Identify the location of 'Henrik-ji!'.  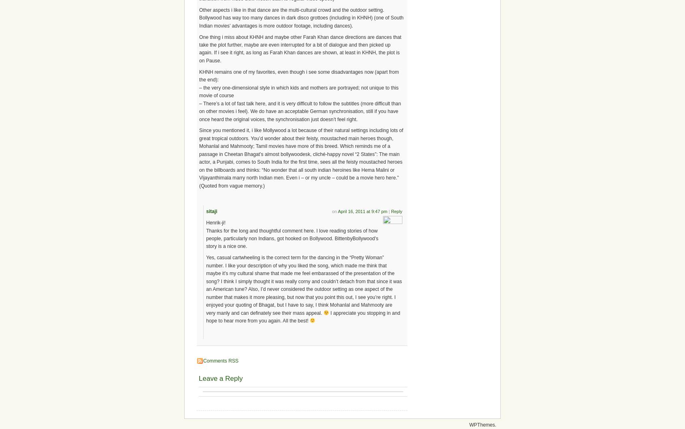
(215, 222).